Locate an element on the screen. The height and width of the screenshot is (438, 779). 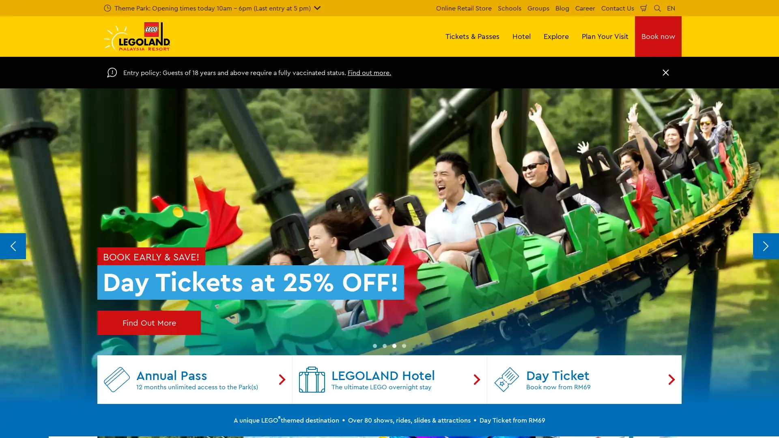
Go to slide 1 is located at coordinates (374, 346).